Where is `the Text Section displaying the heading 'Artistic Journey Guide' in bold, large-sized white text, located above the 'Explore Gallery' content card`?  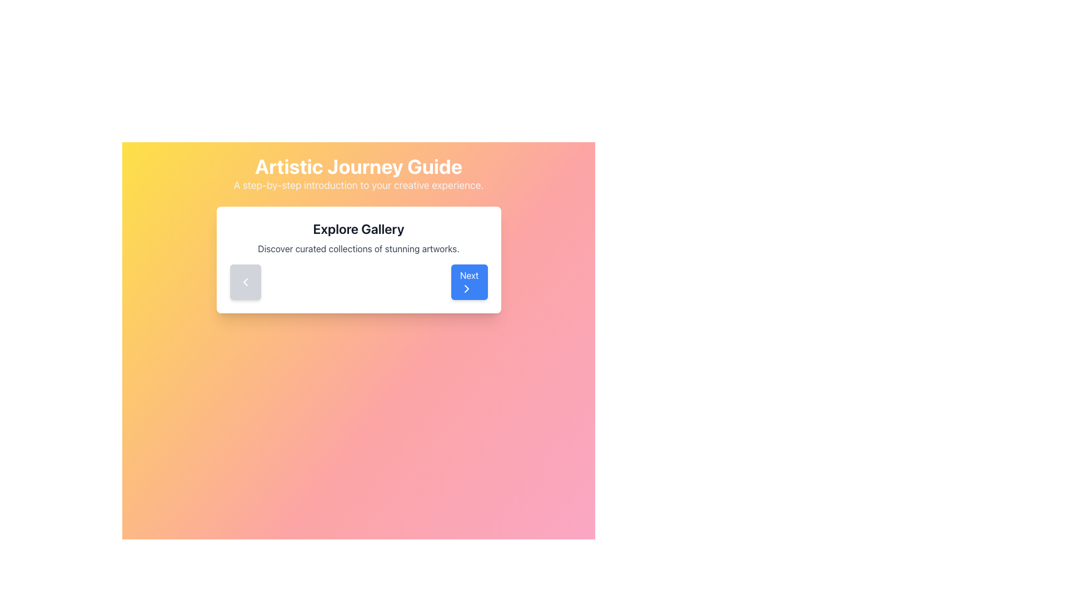
the Text Section displaying the heading 'Artistic Journey Guide' in bold, large-sized white text, located above the 'Explore Gallery' content card is located at coordinates (358, 174).